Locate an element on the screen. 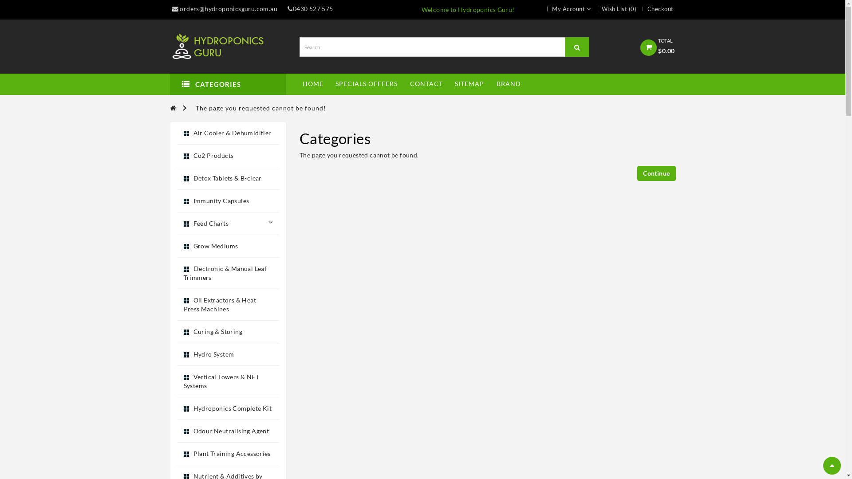  'Hydroponics Complete Kit' is located at coordinates (228, 408).